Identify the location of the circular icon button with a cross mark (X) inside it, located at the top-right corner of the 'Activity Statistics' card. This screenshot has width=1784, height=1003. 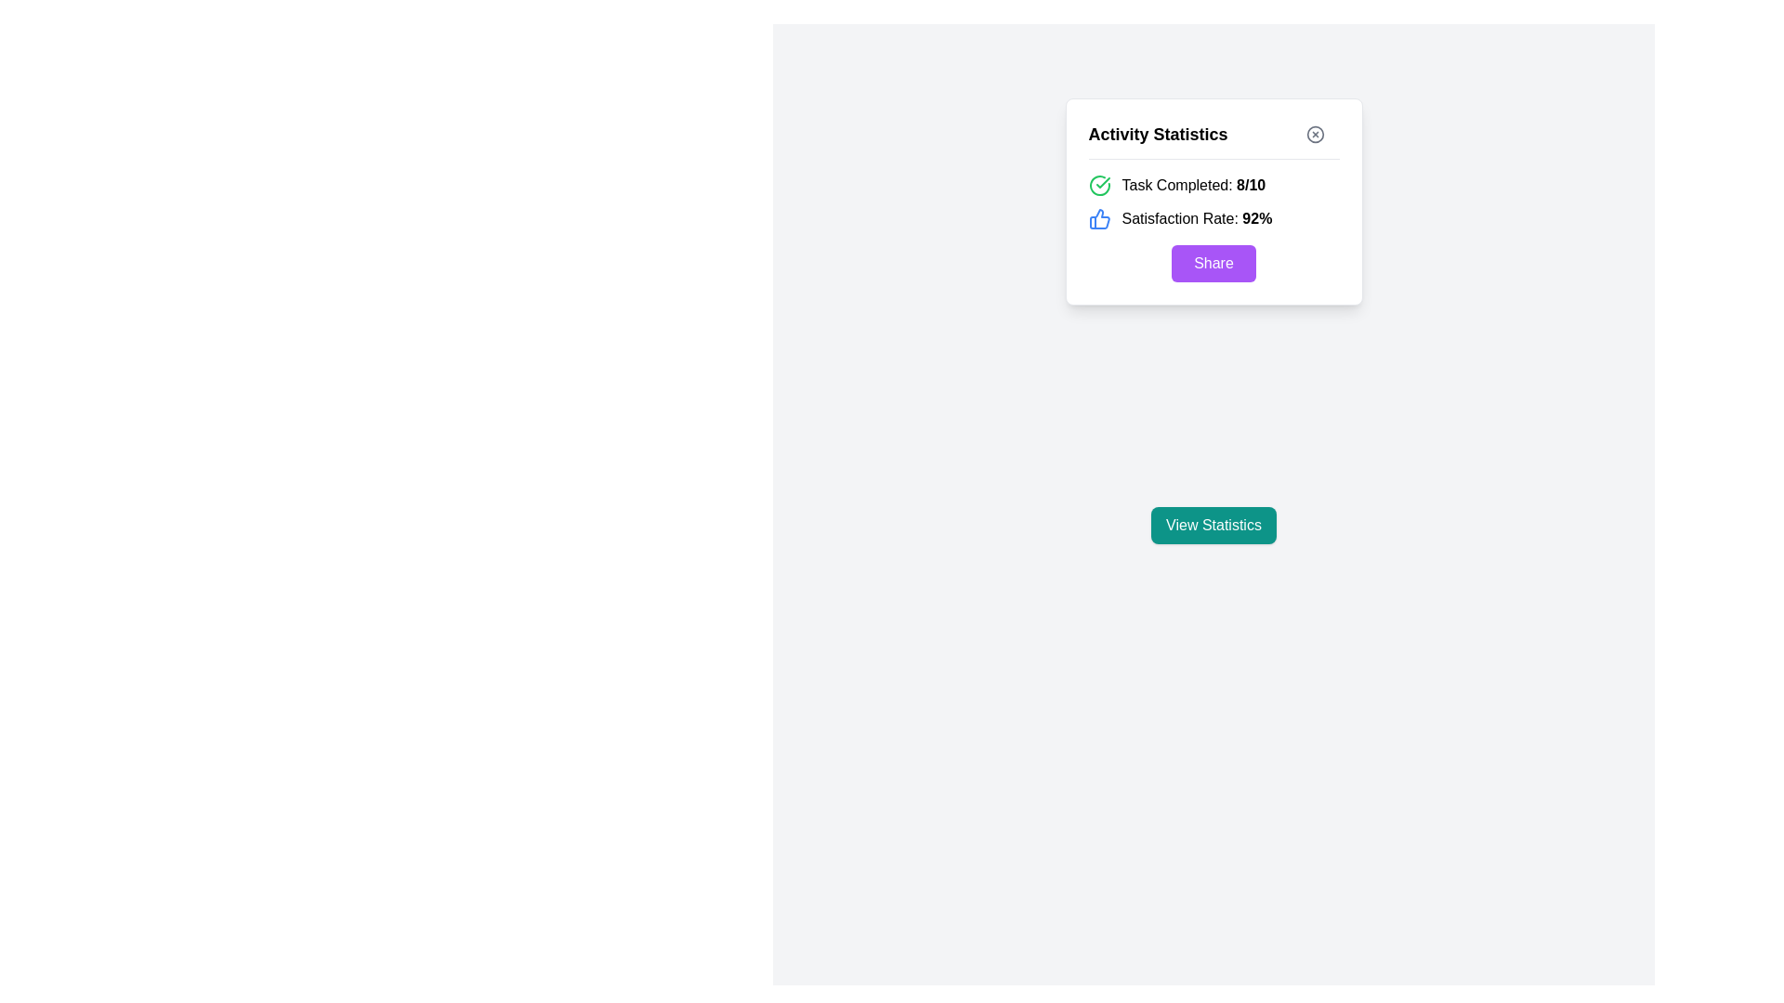
(1314, 134).